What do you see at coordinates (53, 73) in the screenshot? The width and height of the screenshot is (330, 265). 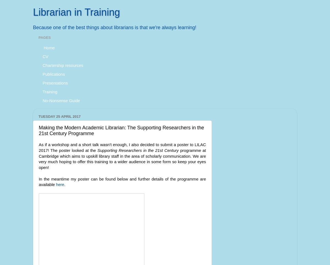 I see `'Publications'` at bounding box center [53, 73].